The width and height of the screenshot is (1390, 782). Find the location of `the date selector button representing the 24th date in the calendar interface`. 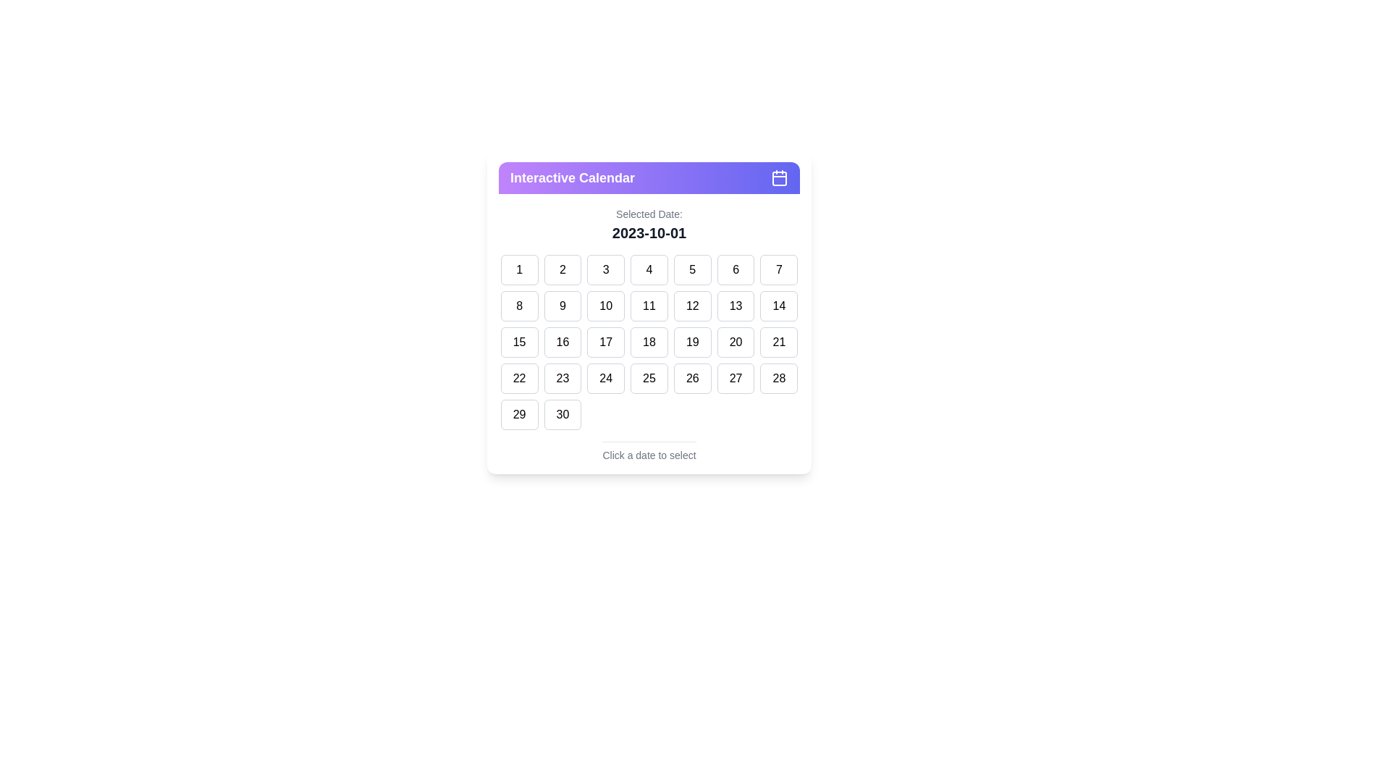

the date selector button representing the 24th date in the calendar interface is located at coordinates (606, 378).